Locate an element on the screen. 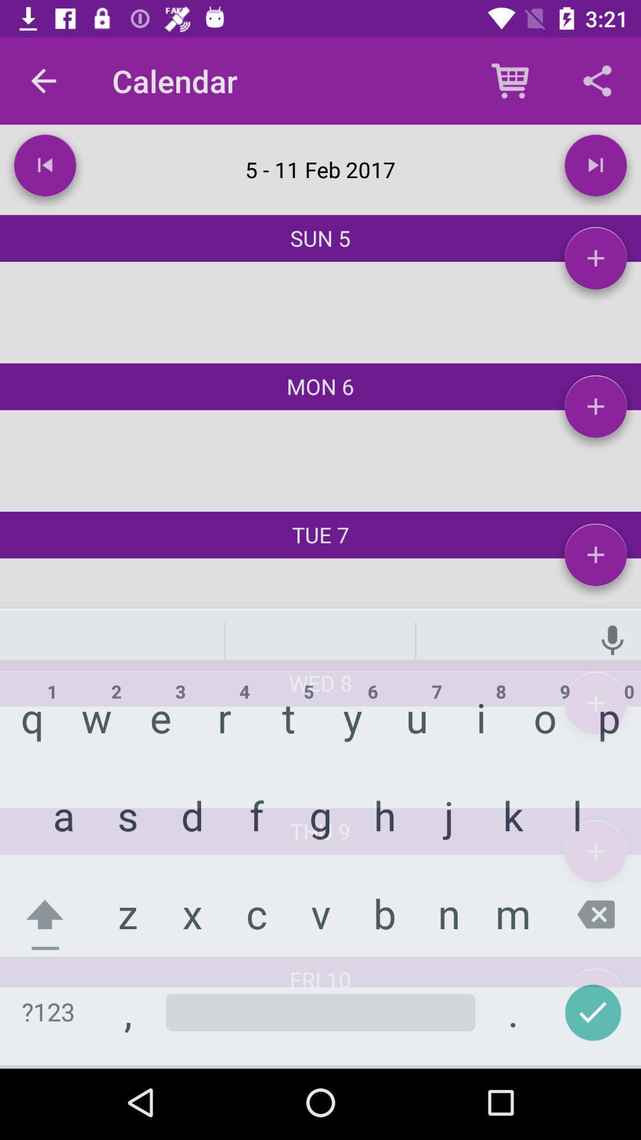 This screenshot has width=641, height=1140. the add icon is located at coordinates (595, 411).